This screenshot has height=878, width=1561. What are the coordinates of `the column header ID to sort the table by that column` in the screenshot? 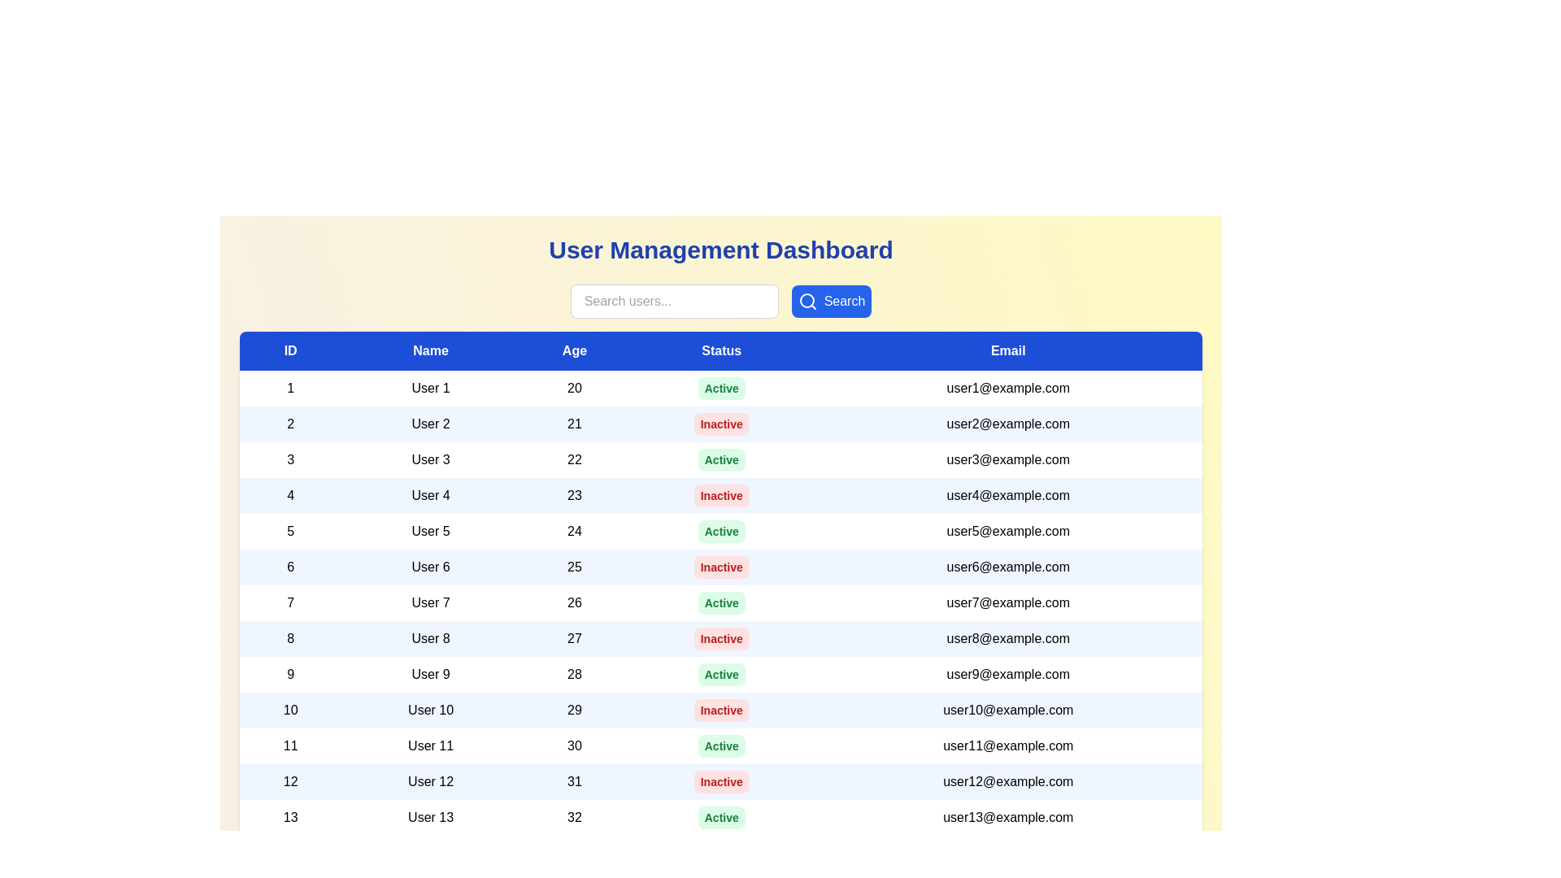 It's located at (290, 350).